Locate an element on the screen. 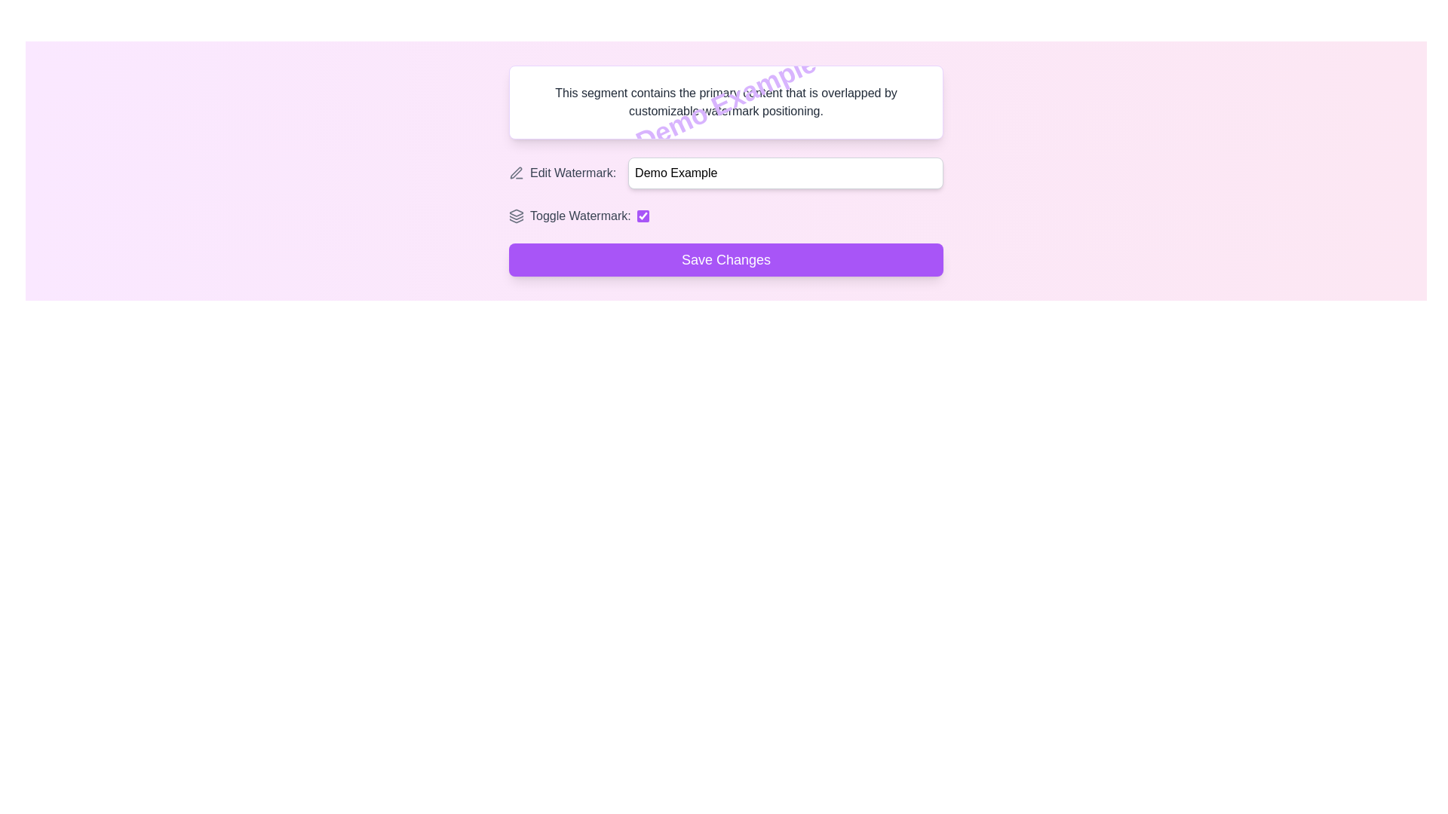  the checkbox used to toggle the watermark feature for keyboard navigation is located at coordinates (643, 216).